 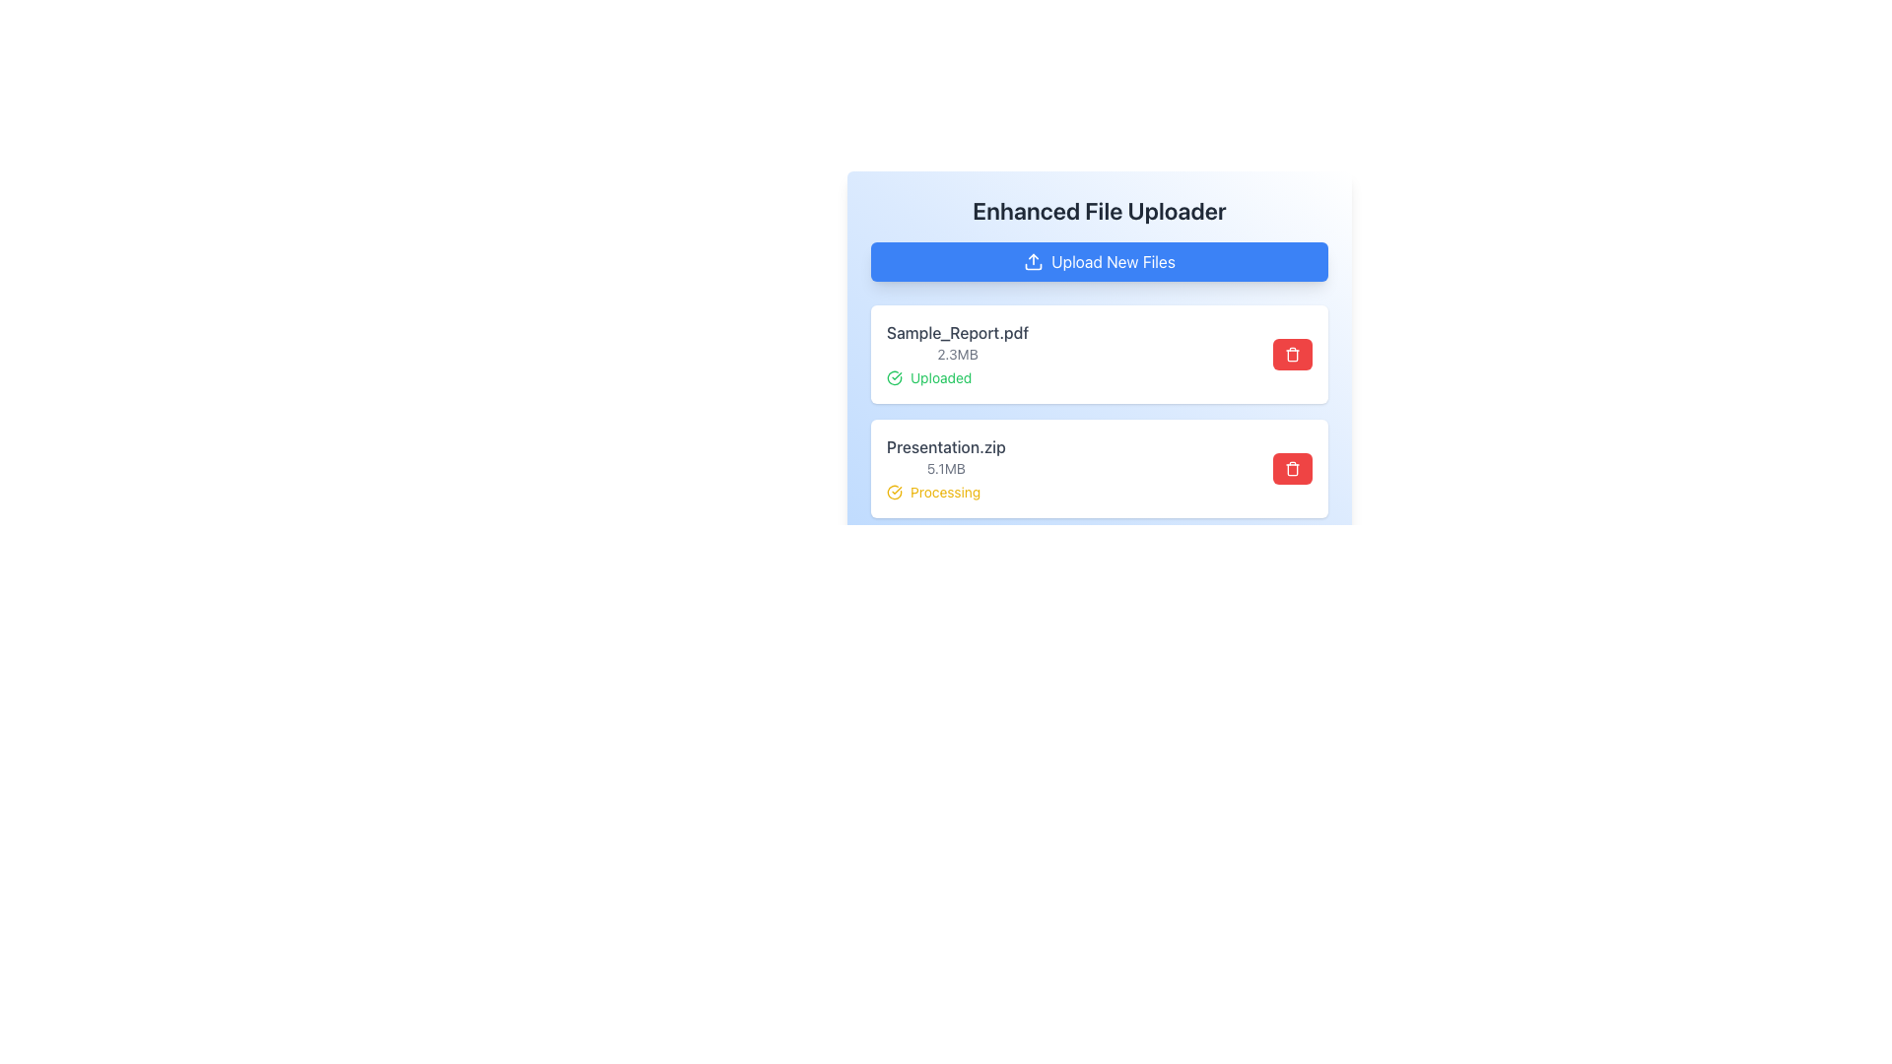 I want to click on the text label with icon that indicates the successful upload status of the file 'Sample_Report.pdf' with size '2.3MB', so click(x=958, y=378).